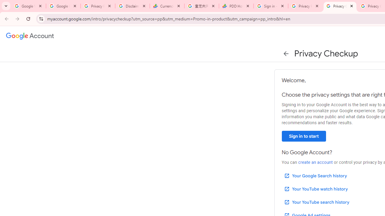 Image resolution: width=385 pixels, height=216 pixels. What do you see at coordinates (167, 6) in the screenshot?
I see `'Currencies - Google Finance'` at bounding box center [167, 6].